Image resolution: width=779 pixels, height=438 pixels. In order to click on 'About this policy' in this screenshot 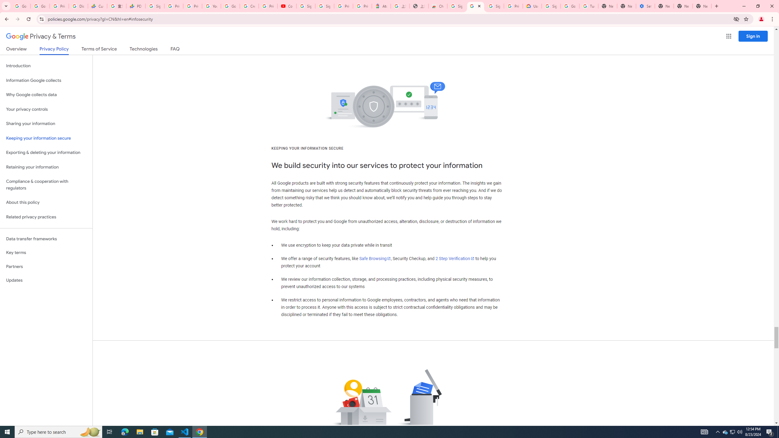, I will do `click(46, 203)`.